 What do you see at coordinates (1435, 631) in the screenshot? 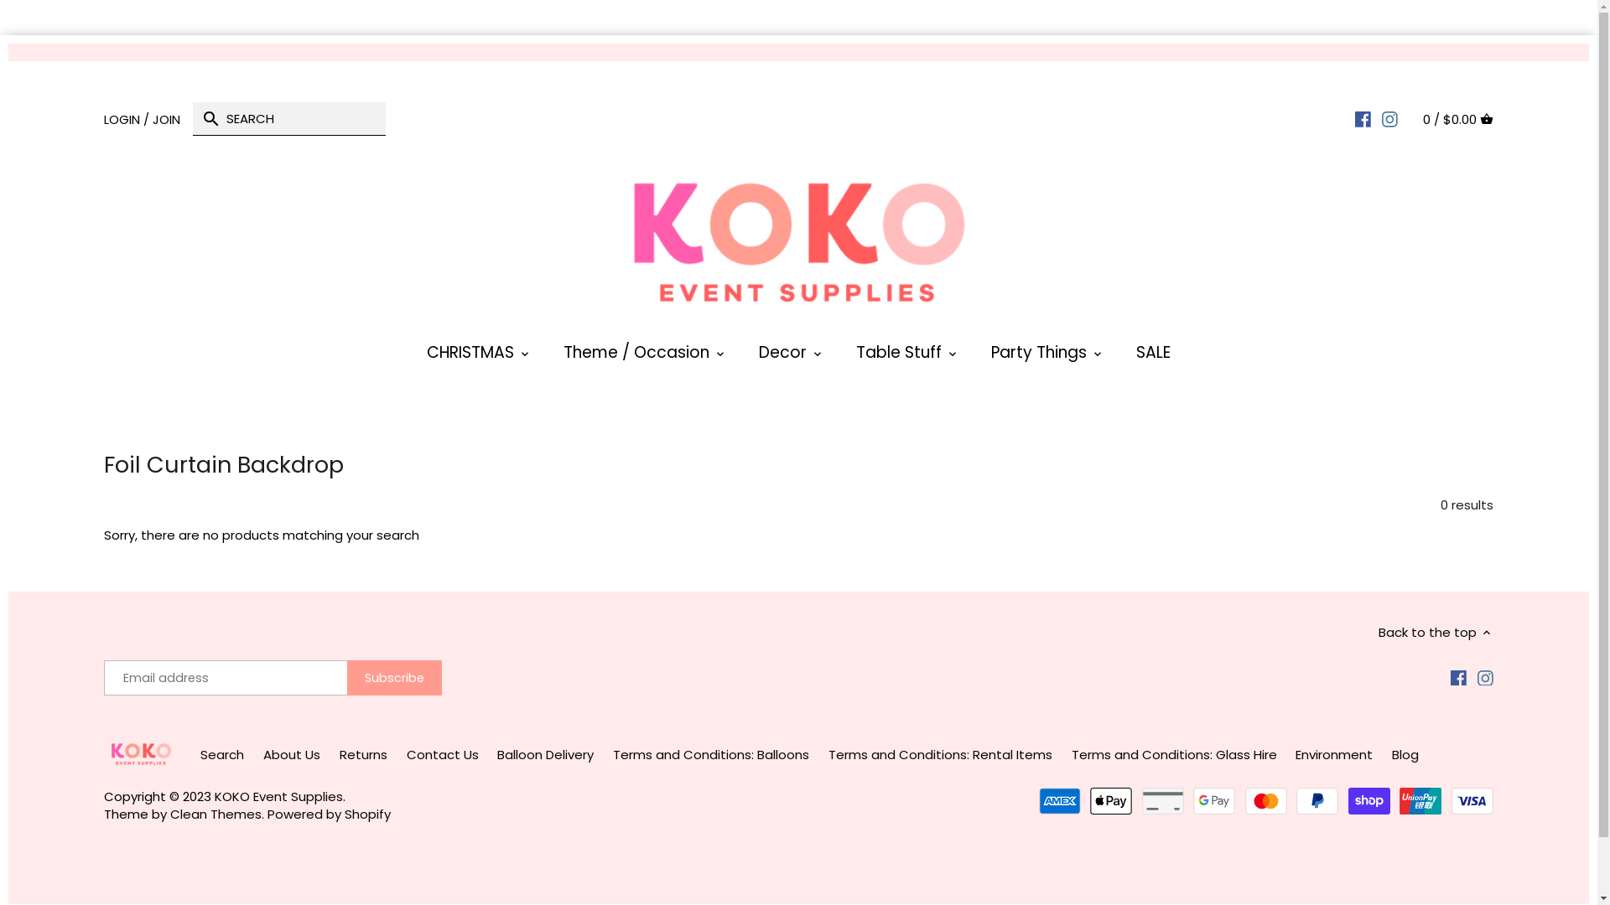
I see `'Back to the top'` at bounding box center [1435, 631].